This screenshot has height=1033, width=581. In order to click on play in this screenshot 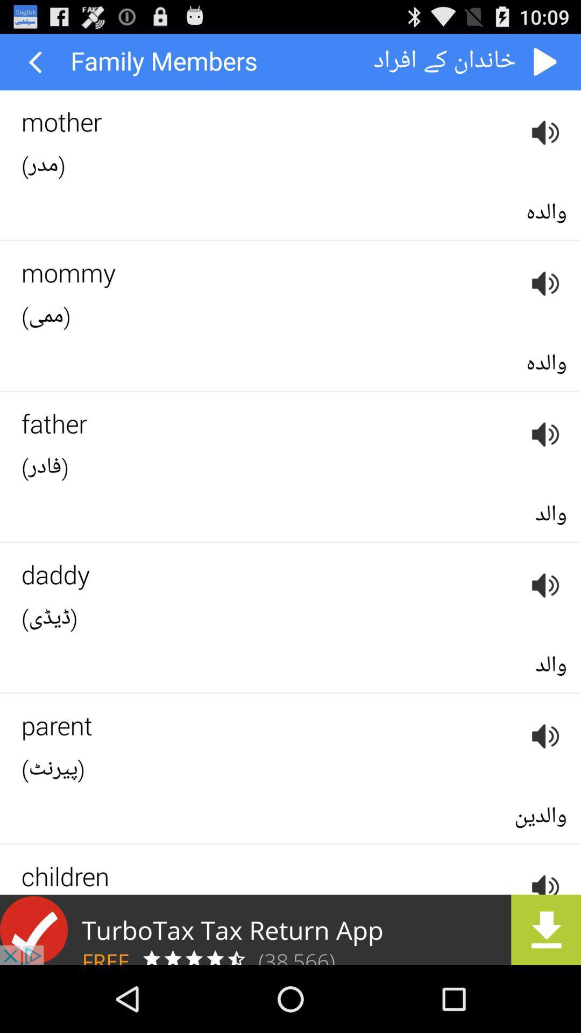, I will do `click(545, 61)`.